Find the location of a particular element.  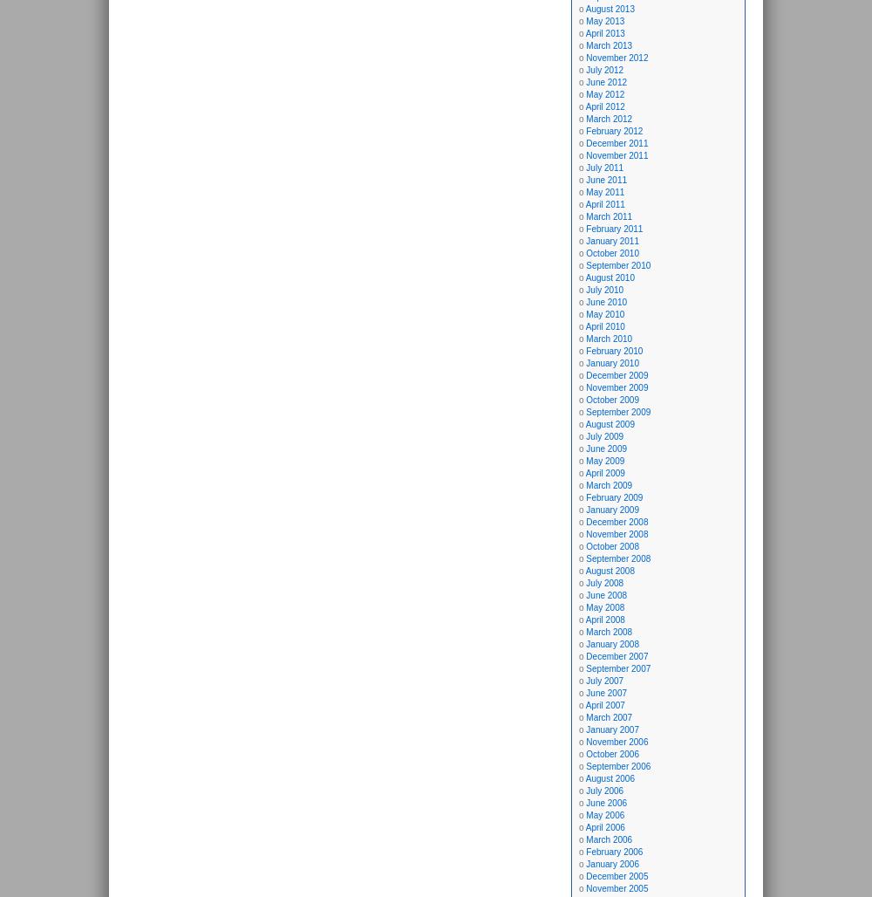

'November 2008' is located at coordinates (586, 533).